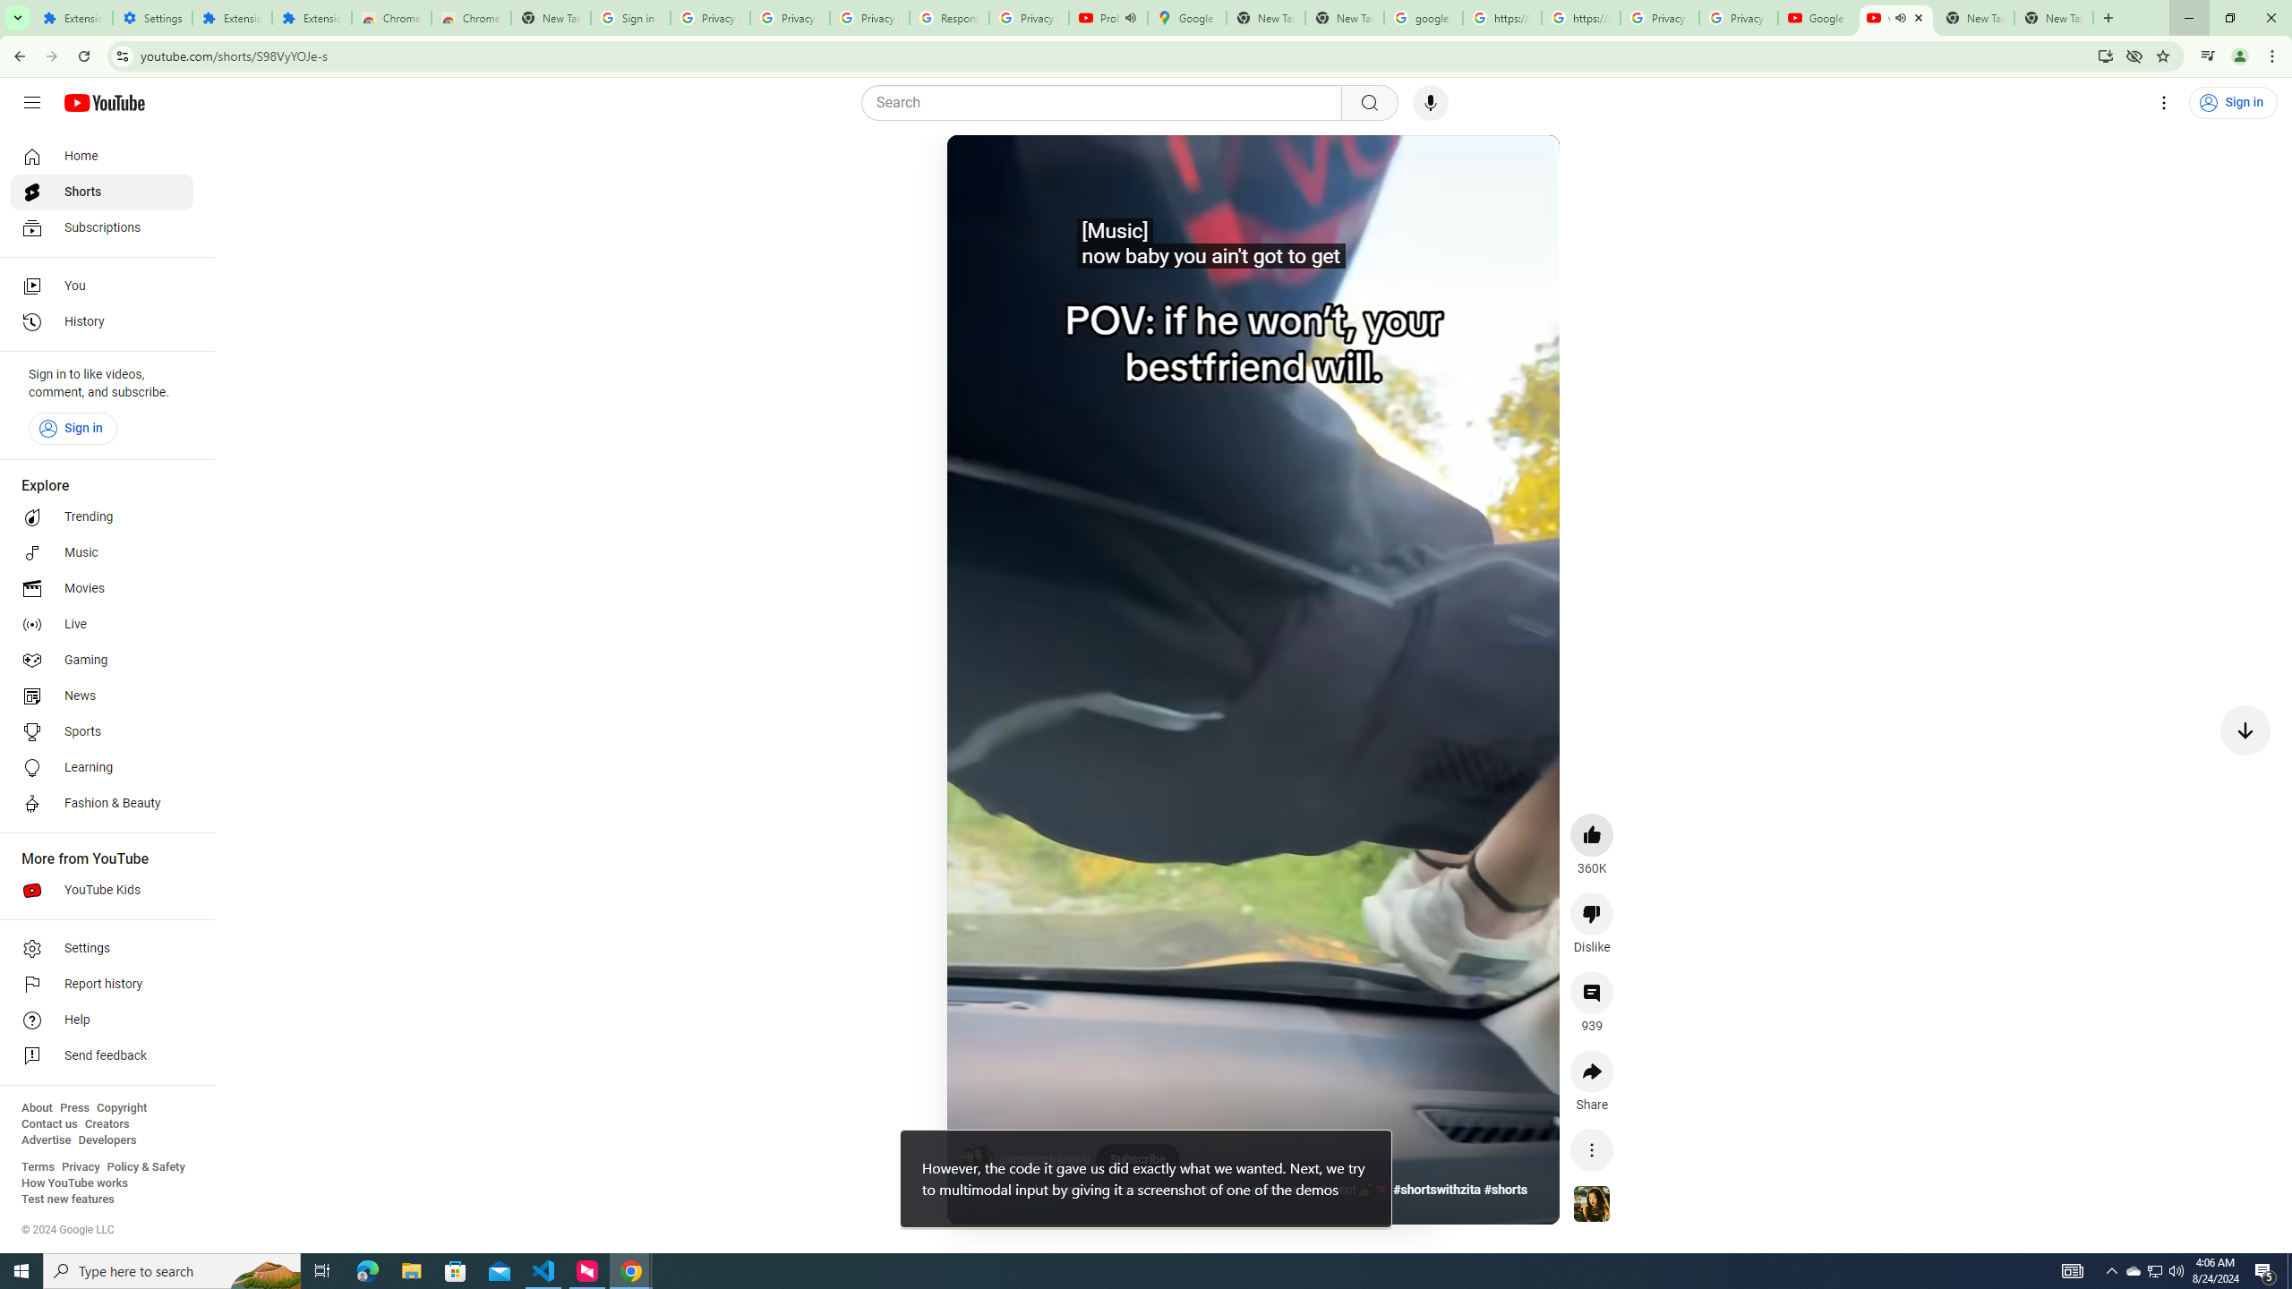 The width and height of the screenshot is (2292, 1289). I want to click on 'Press', so click(73, 1107).